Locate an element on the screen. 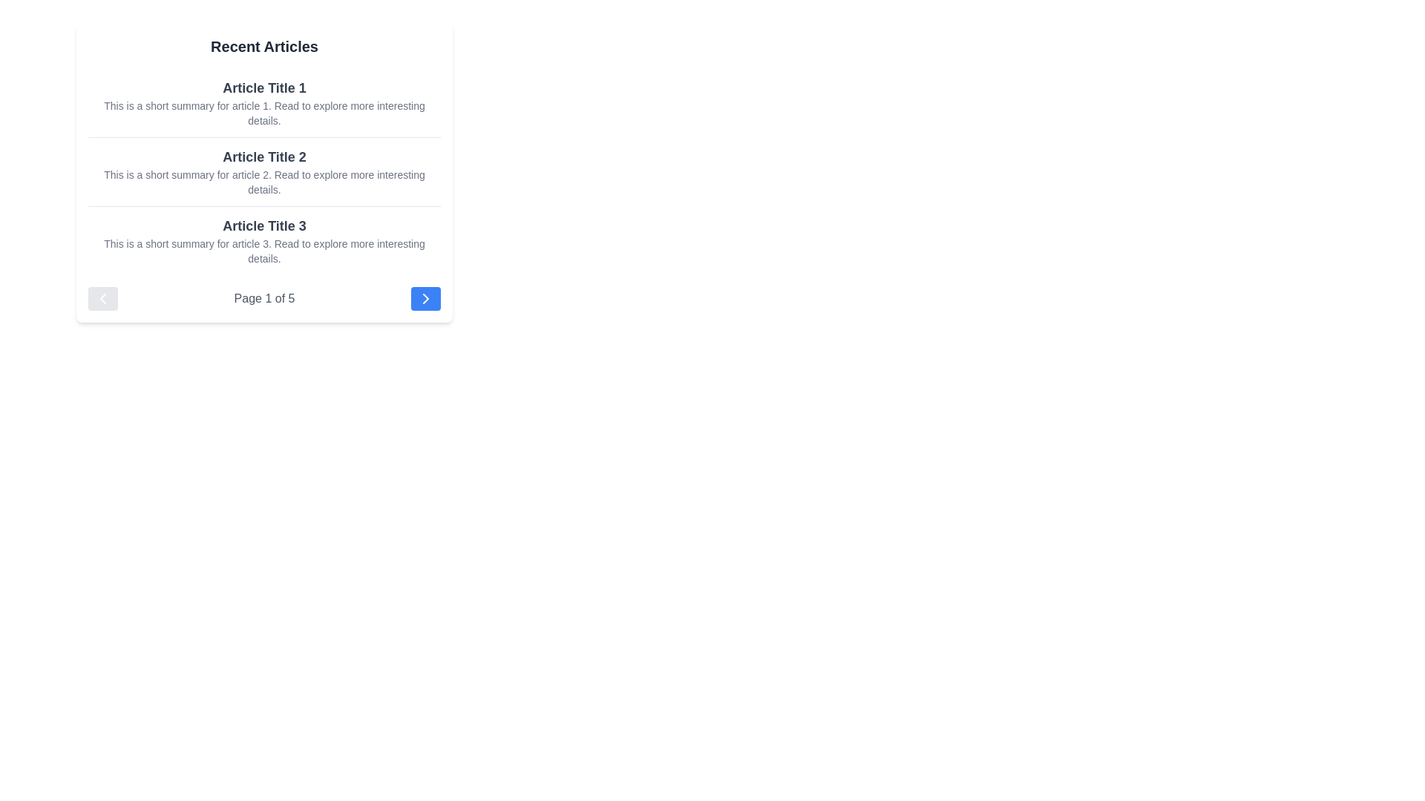 This screenshot has width=1425, height=801. the title header of the first article in the 'Recent Articles' list is located at coordinates (264, 88).